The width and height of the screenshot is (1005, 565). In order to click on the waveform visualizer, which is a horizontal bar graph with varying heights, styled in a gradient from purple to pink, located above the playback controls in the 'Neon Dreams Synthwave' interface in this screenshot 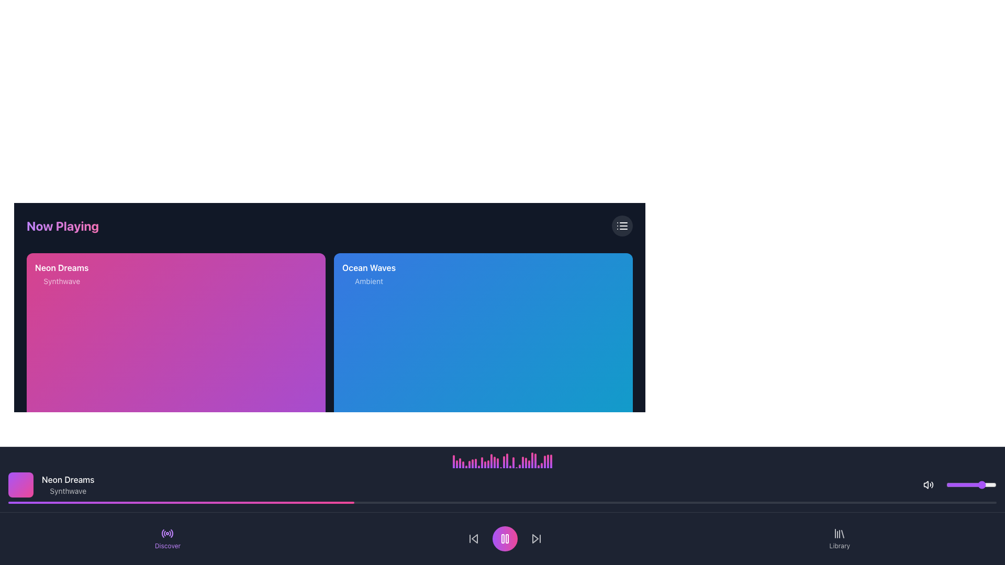, I will do `click(502, 459)`.